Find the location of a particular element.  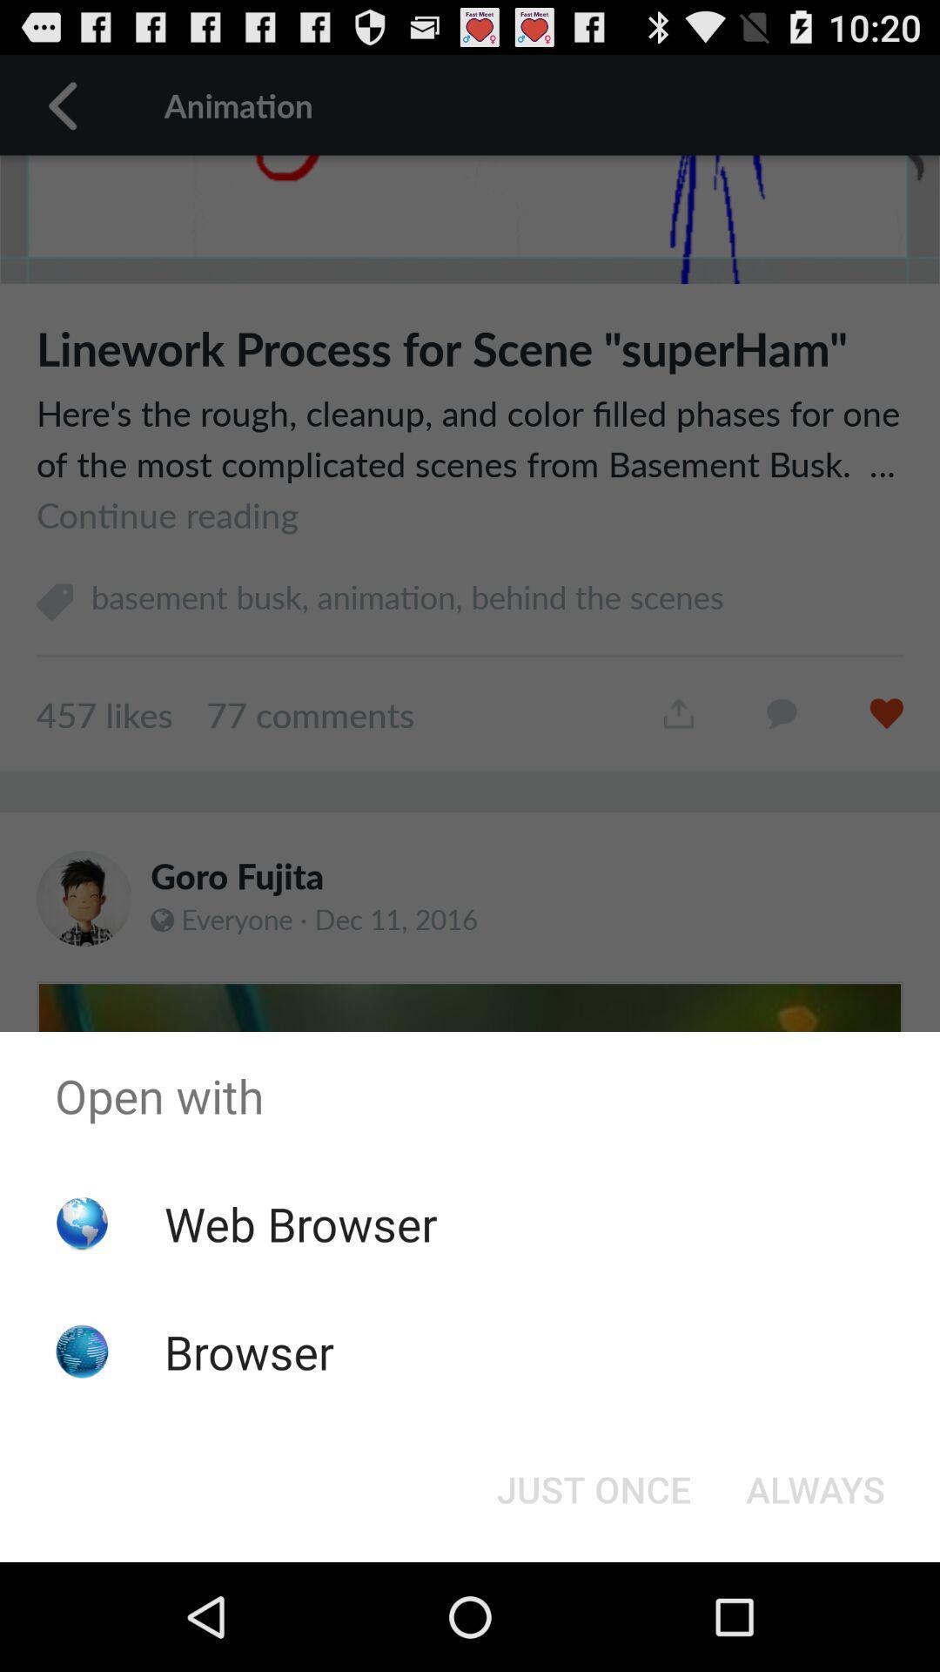

app above the browser icon is located at coordinates (299, 1223).